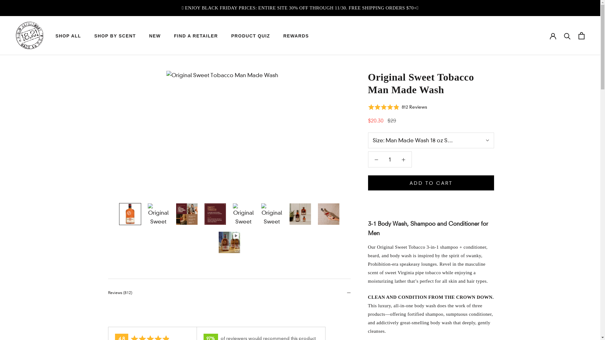 The height and width of the screenshot is (340, 605). I want to click on 'REWARDS, so click(296, 36).